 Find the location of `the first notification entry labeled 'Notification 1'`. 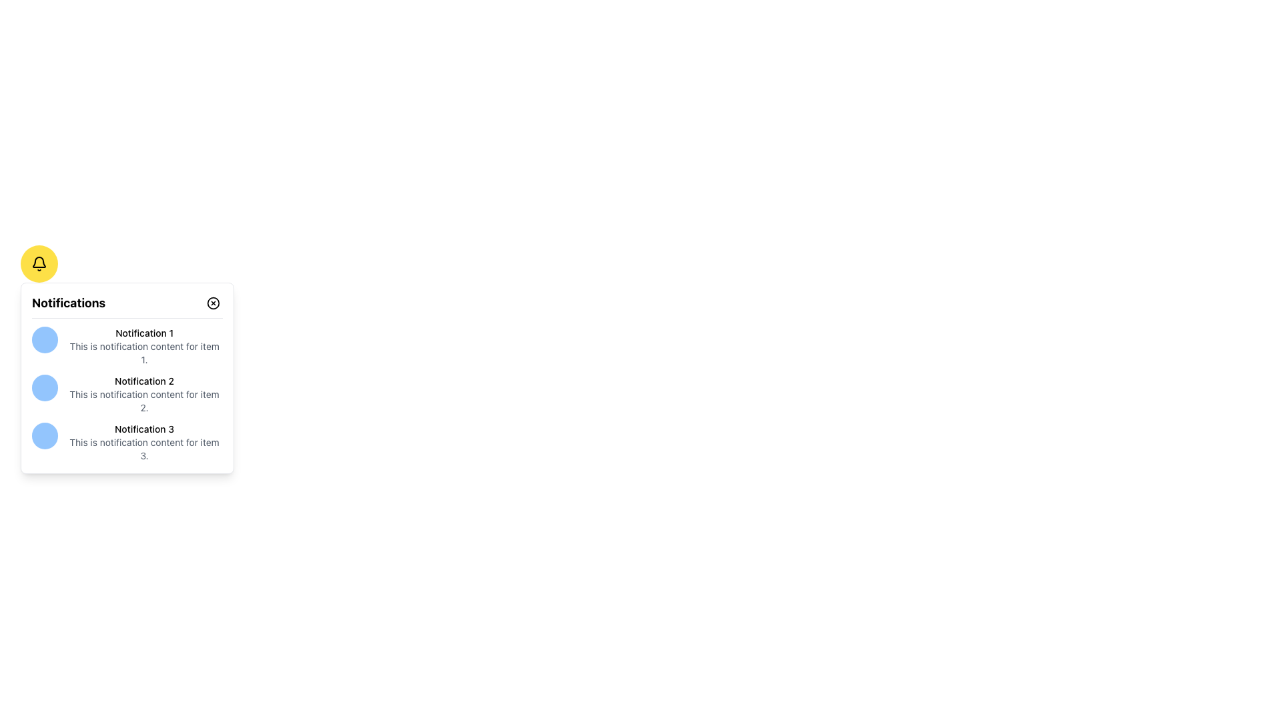

the first notification entry labeled 'Notification 1' is located at coordinates (144, 346).